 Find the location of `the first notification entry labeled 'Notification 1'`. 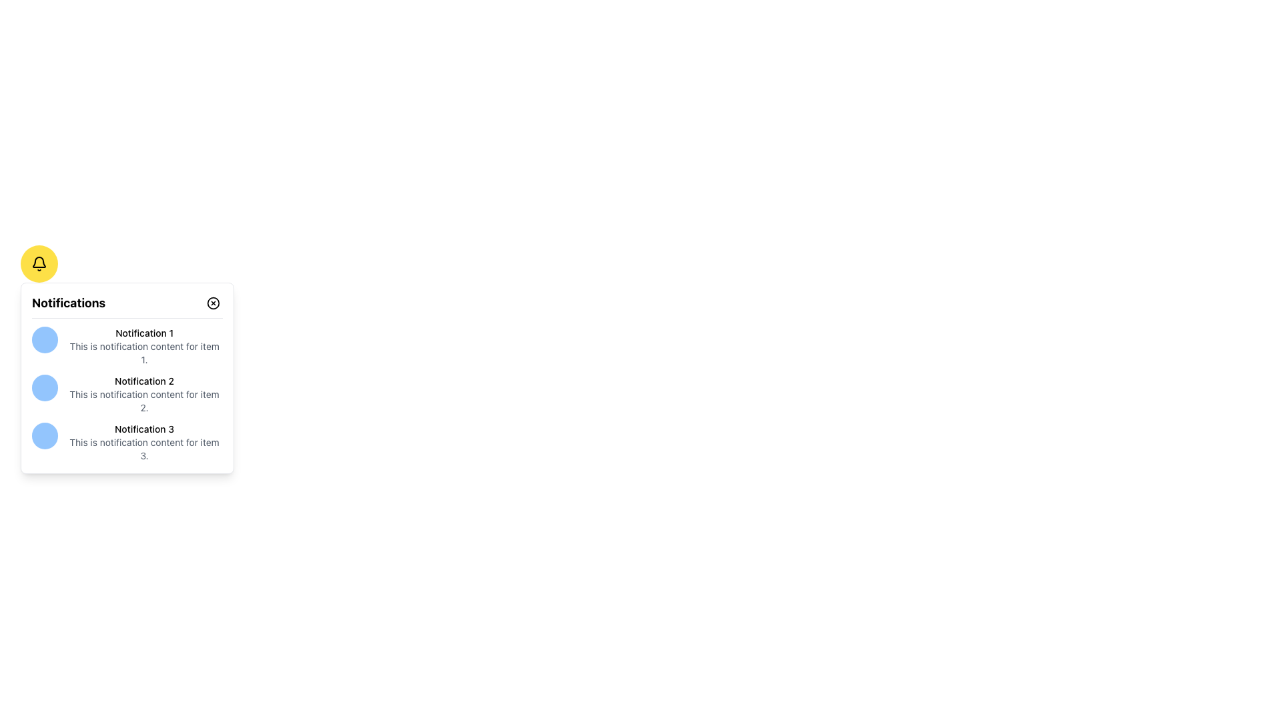

the first notification entry labeled 'Notification 1' is located at coordinates (144, 346).